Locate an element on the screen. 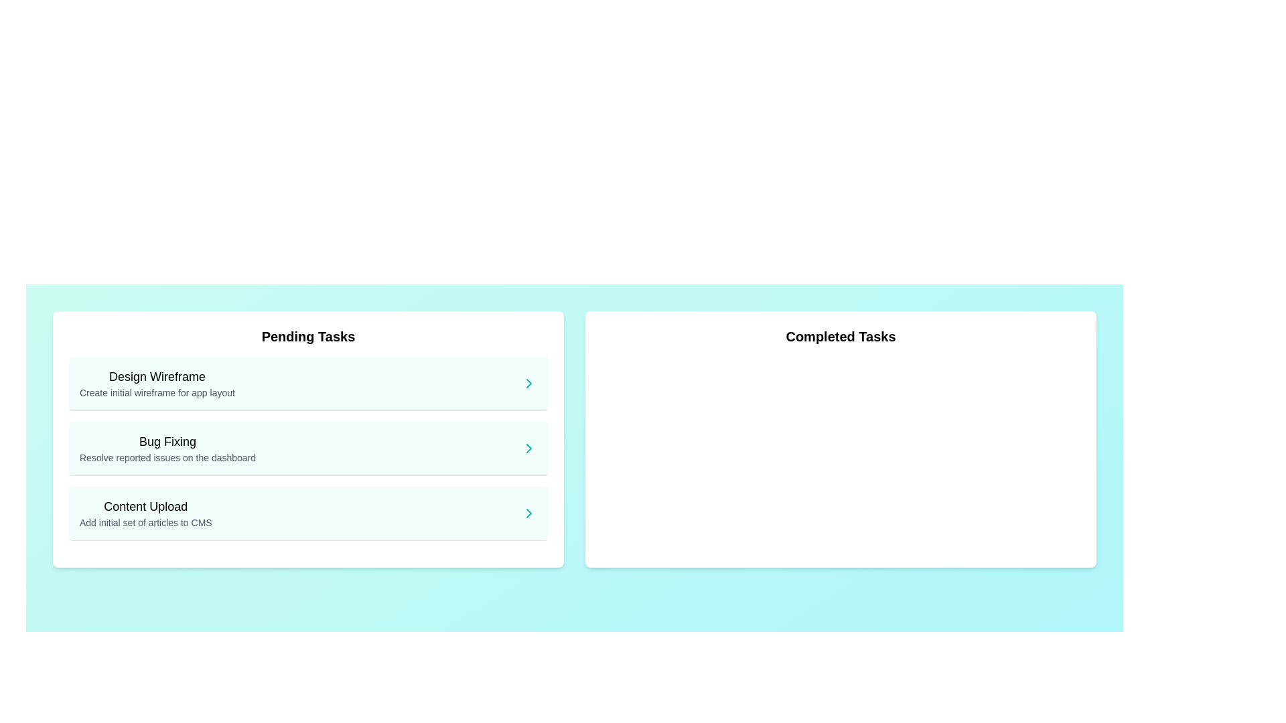  the 'Bug Fixing' task card in the 'Pending Tasks' section is located at coordinates (307, 449).